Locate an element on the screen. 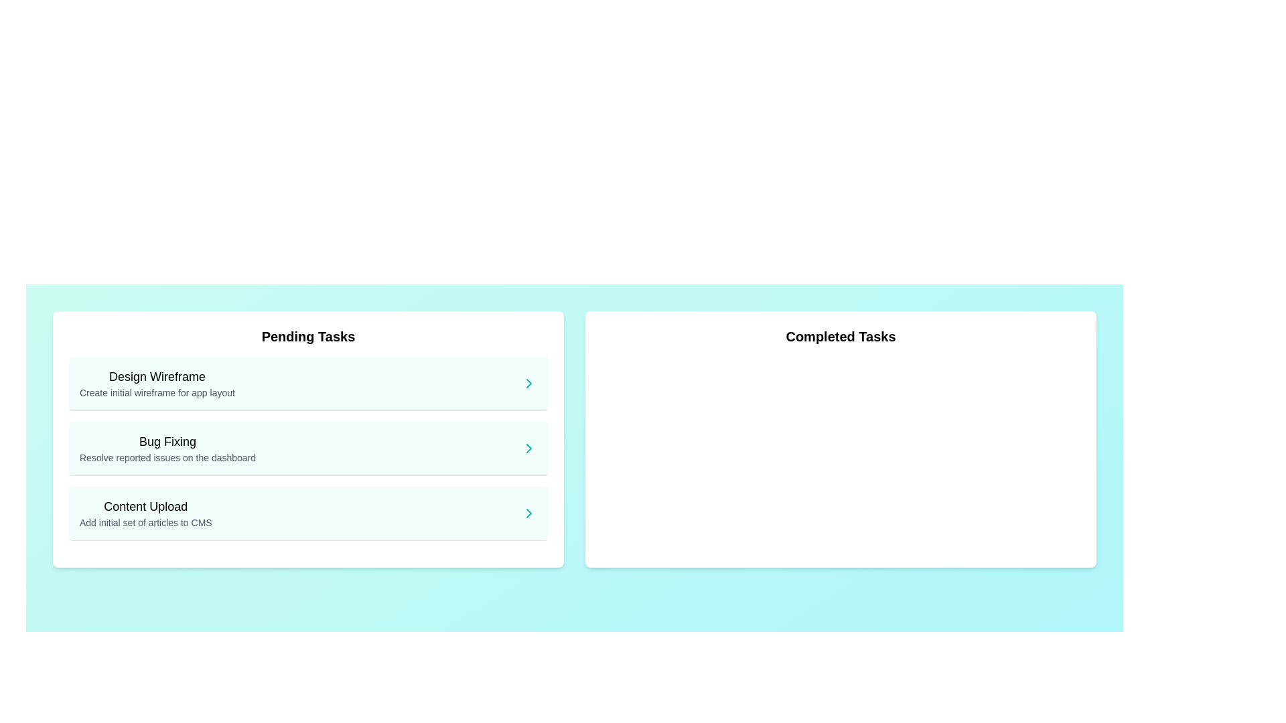  the 'Bug Fixing' task card in the 'Pending Tasks' section is located at coordinates (307, 449).